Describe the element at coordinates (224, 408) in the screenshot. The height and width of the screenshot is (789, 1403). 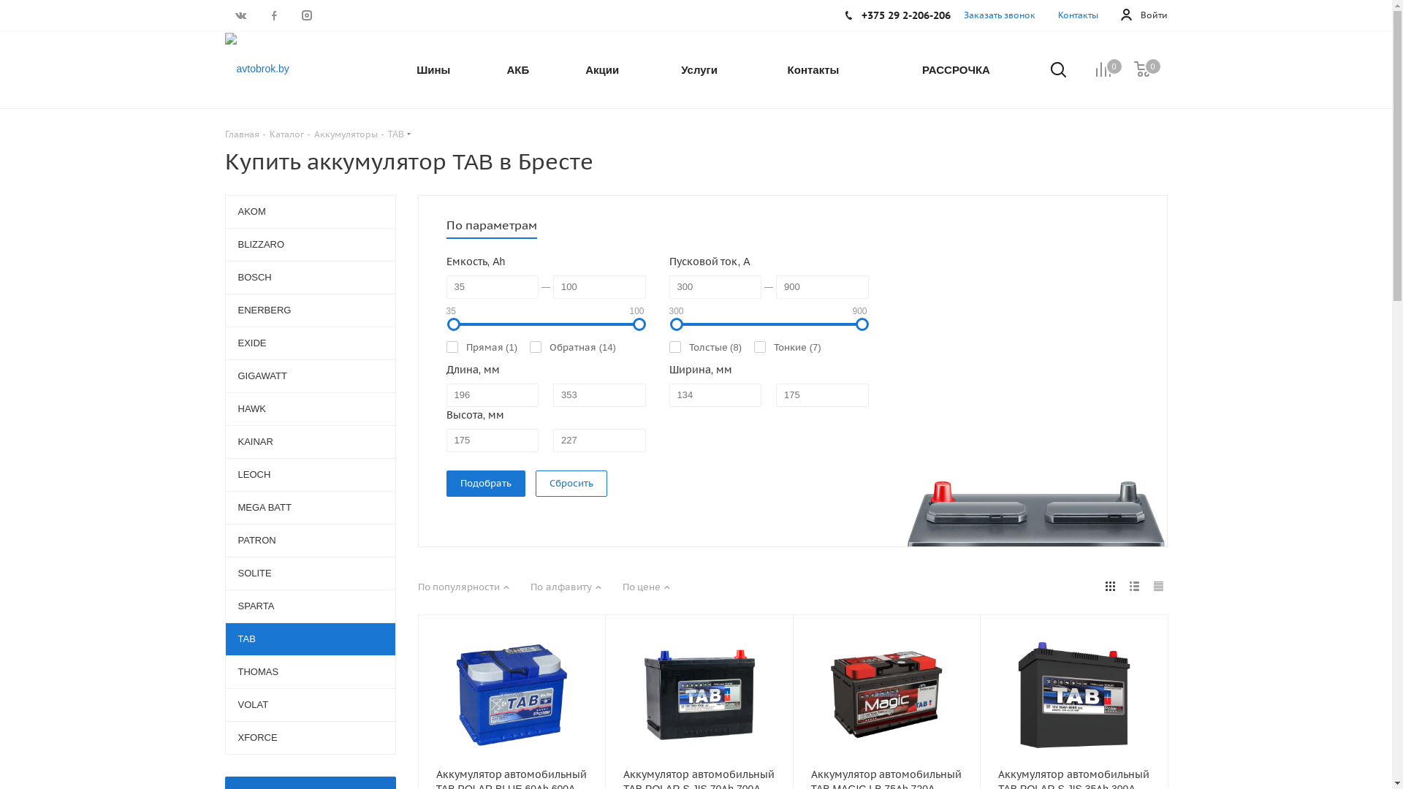
I see `'HAWK'` at that location.